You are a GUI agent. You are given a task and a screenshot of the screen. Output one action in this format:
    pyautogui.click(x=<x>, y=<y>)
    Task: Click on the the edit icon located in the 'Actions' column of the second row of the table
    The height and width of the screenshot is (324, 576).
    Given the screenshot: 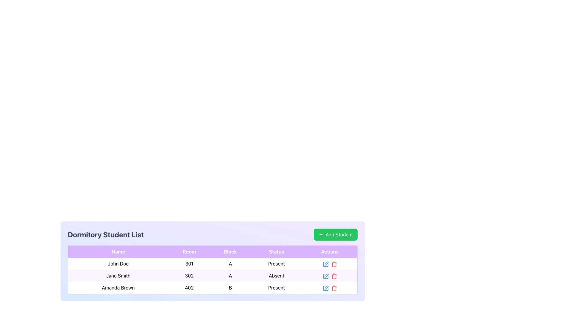 What is the action you would take?
    pyautogui.click(x=325, y=276)
    